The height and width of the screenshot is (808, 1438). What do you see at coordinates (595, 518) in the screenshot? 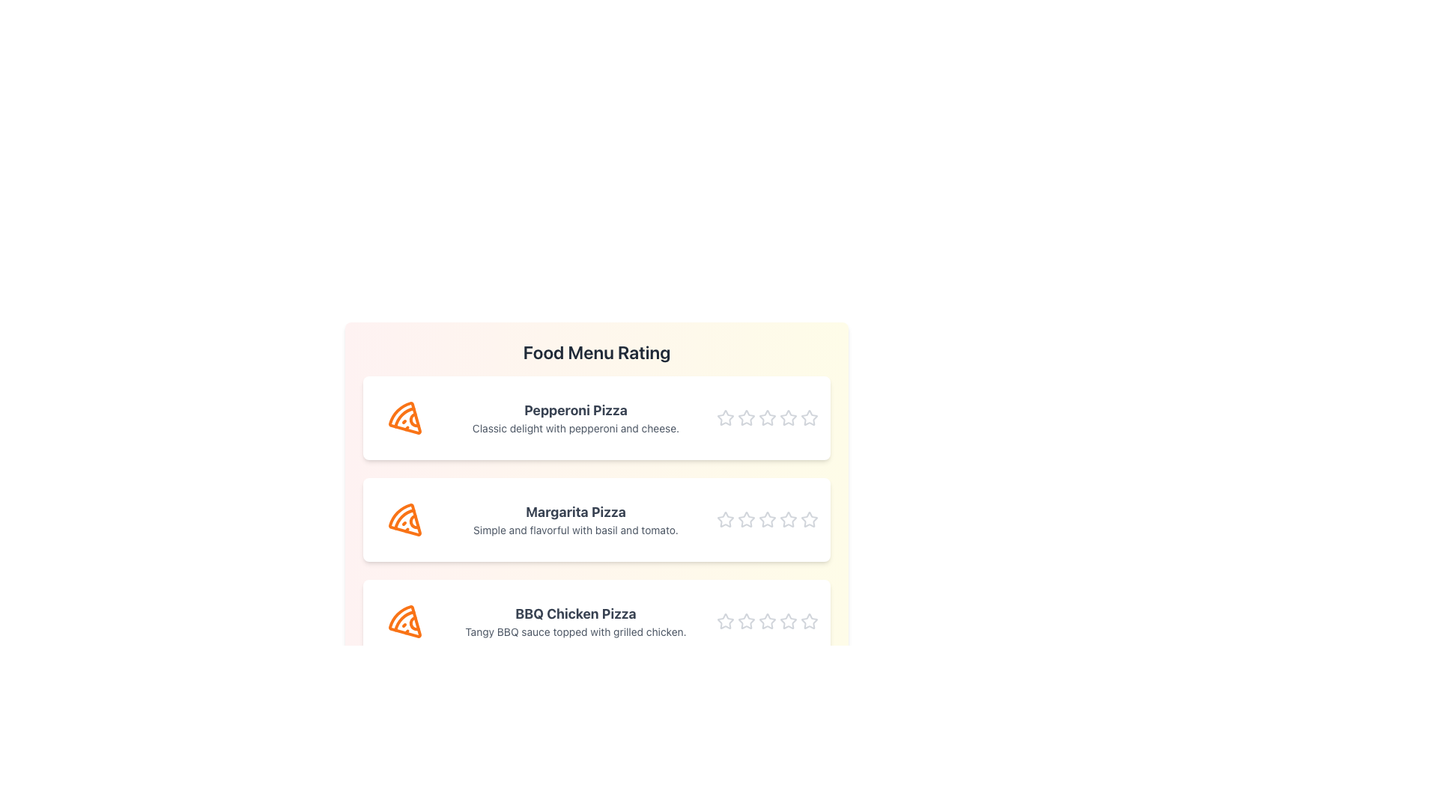
I see `a menu item from the vertical list displayed within the 'Food Menu Rating' card` at bounding box center [595, 518].